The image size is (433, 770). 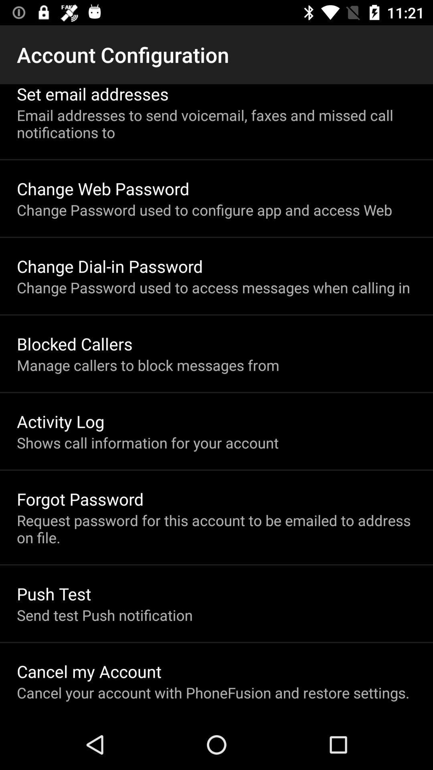 What do you see at coordinates (75, 344) in the screenshot?
I see `blocked callers app` at bounding box center [75, 344].